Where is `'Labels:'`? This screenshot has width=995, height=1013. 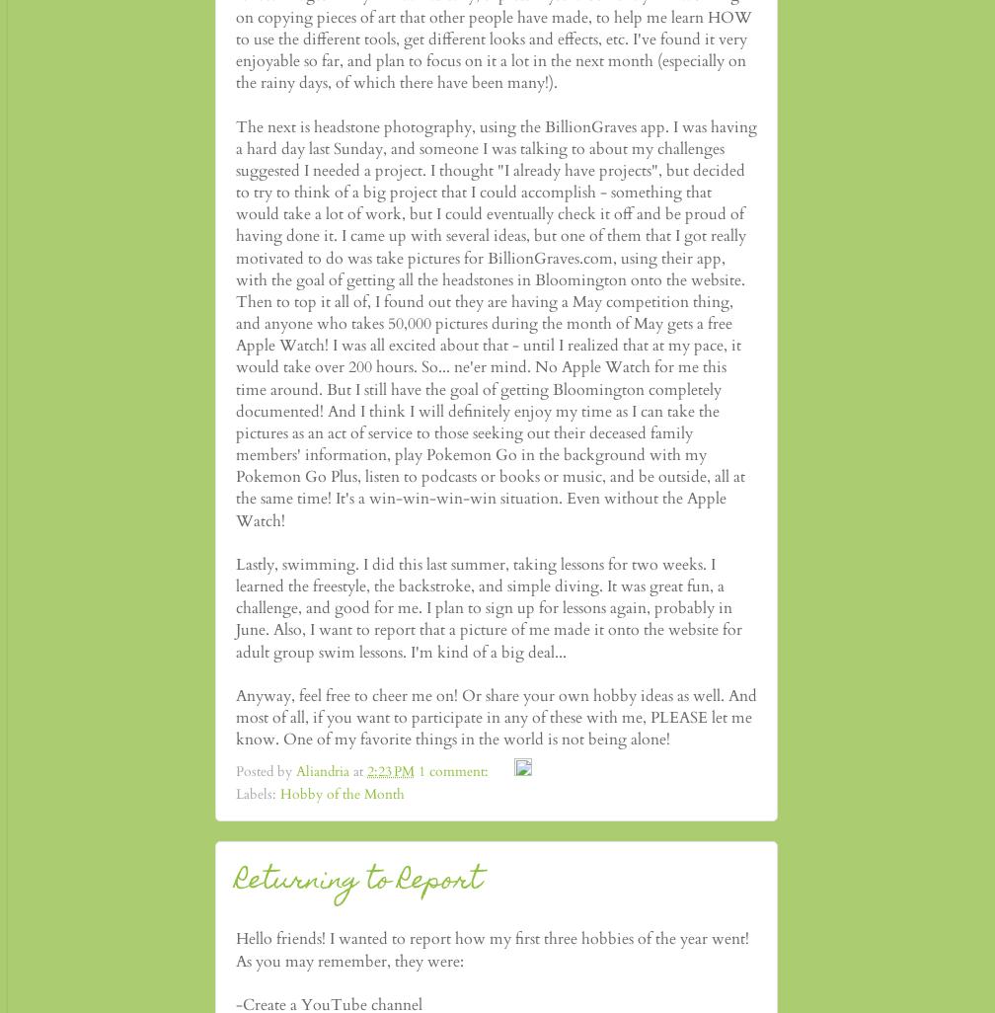 'Labels:' is located at coordinates (258, 792).